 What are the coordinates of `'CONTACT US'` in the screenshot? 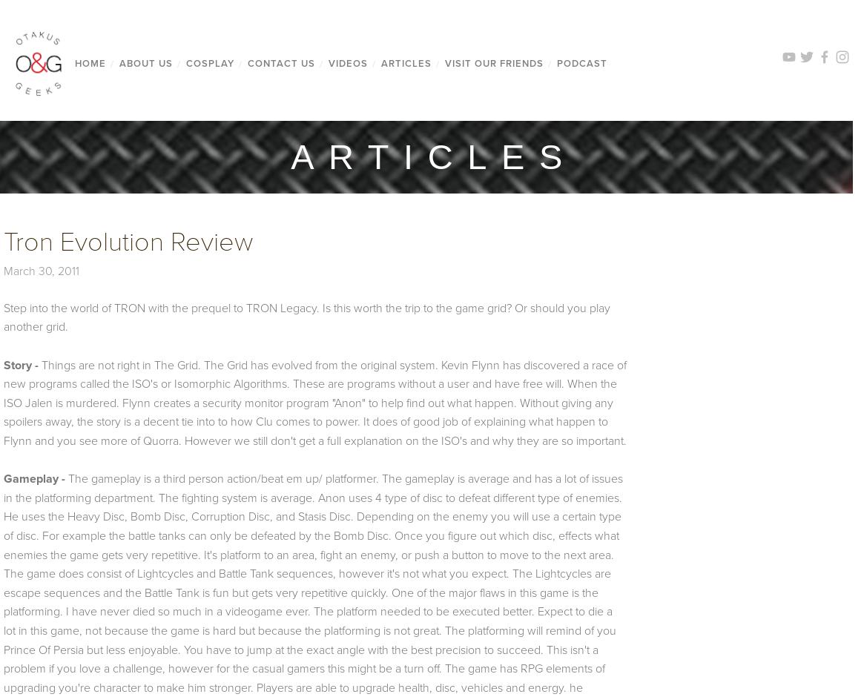 It's located at (280, 63).